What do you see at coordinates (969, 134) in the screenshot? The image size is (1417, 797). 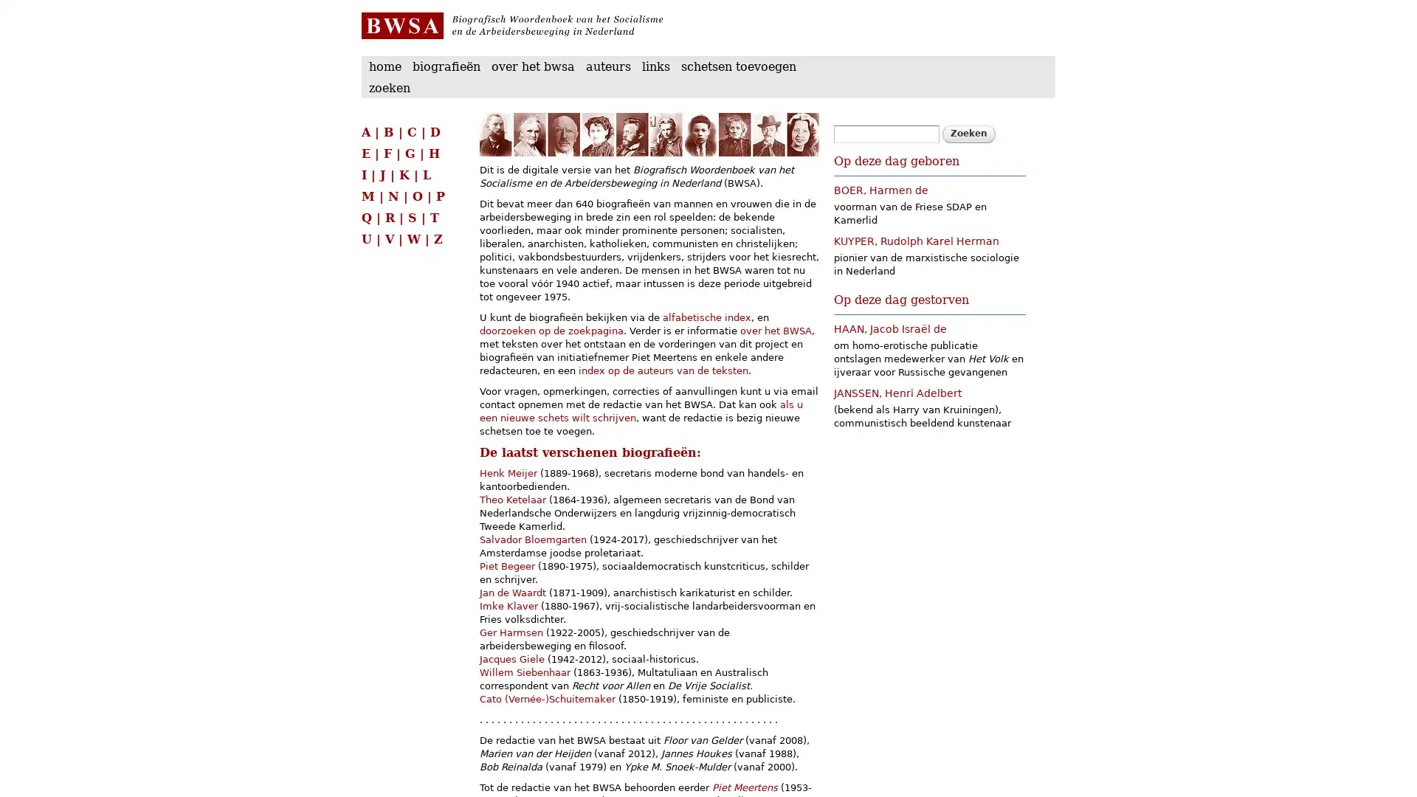 I see `Zoeken` at bounding box center [969, 134].